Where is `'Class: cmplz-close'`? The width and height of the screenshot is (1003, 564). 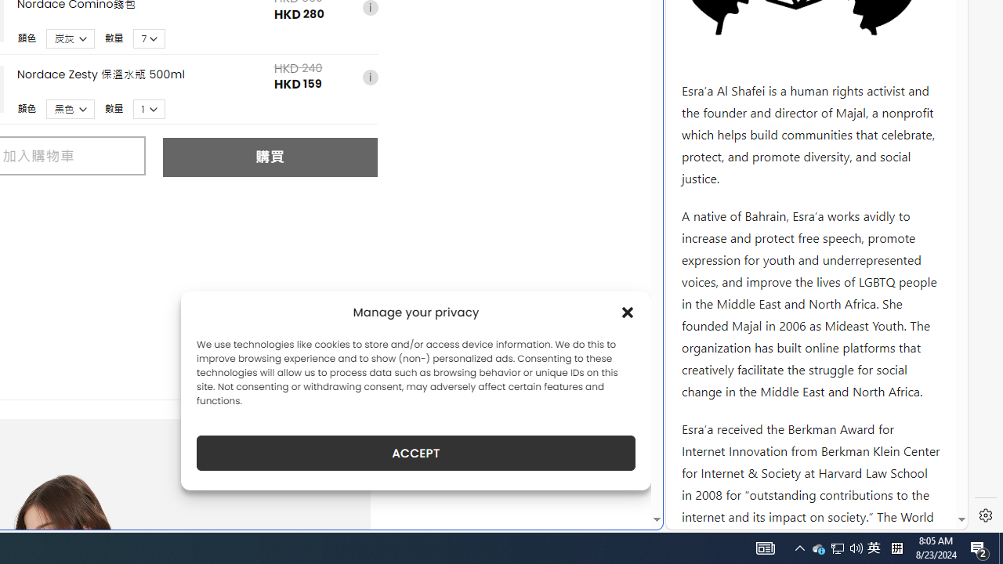
'Class: cmplz-close' is located at coordinates (628, 312).